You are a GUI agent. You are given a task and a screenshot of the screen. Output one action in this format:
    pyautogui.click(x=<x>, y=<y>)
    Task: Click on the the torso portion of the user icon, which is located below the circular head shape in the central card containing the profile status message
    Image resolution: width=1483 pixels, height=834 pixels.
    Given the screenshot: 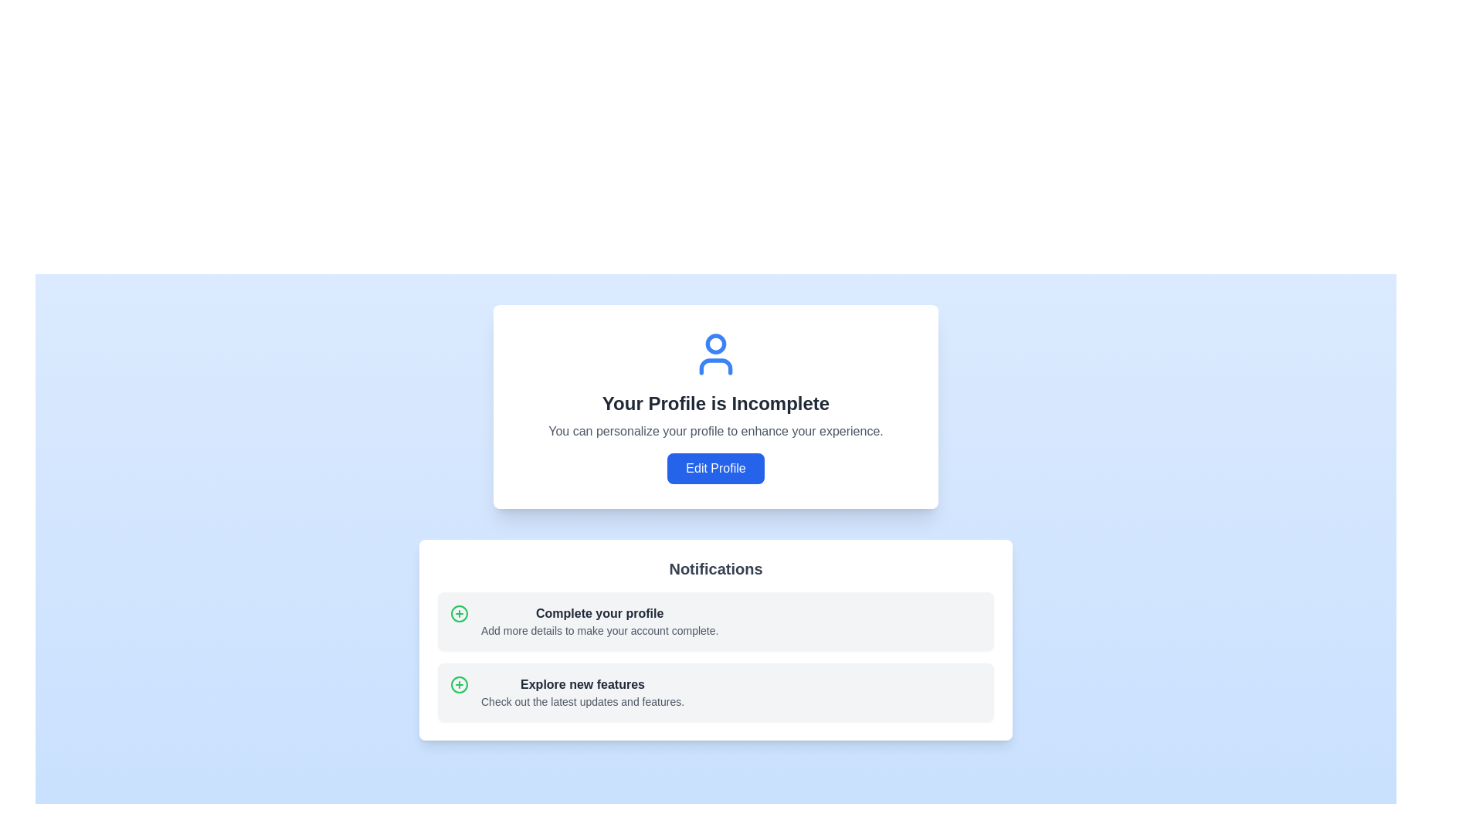 What is the action you would take?
    pyautogui.click(x=714, y=366)
    